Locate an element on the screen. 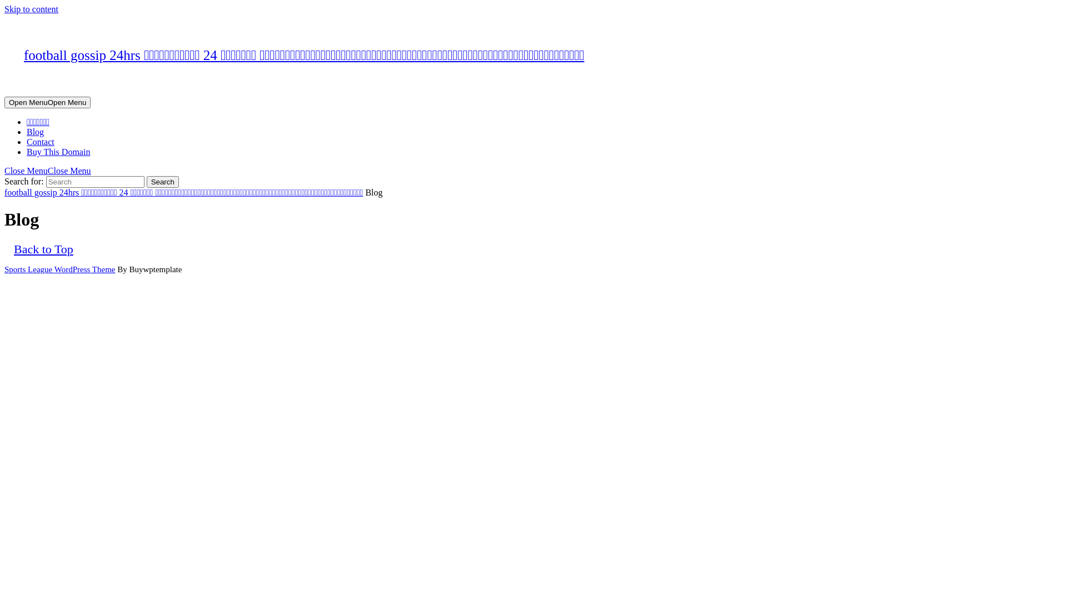 This screenshot has height=600, width=1067. 'Open MenuOpen Menu' is located at coordinates (4, 102).